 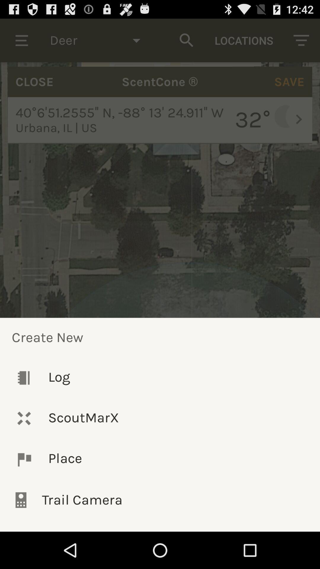 What do you see at coordinates (160, 459) in the screenshot?
I see `the place icon` at bounding box center [160, 459].